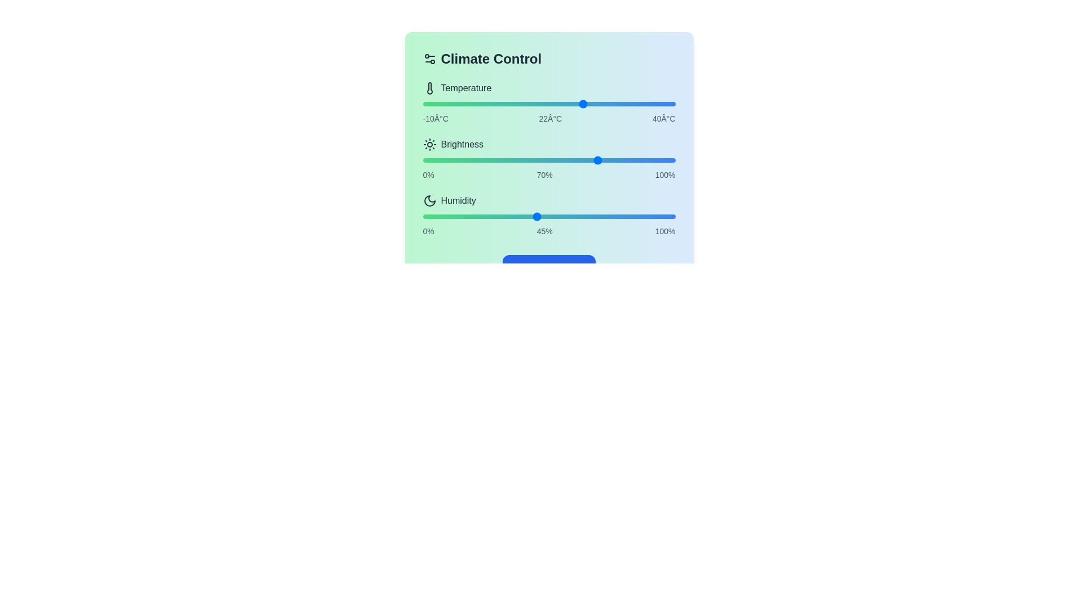 This screenshot has height=608, width=1082. Describe the element at coordinates (429, 88) in the screenshot. I see `the small red thermometer icon located to the left of the 'Temperature' label in the 'Climate Control' interface` at that location.